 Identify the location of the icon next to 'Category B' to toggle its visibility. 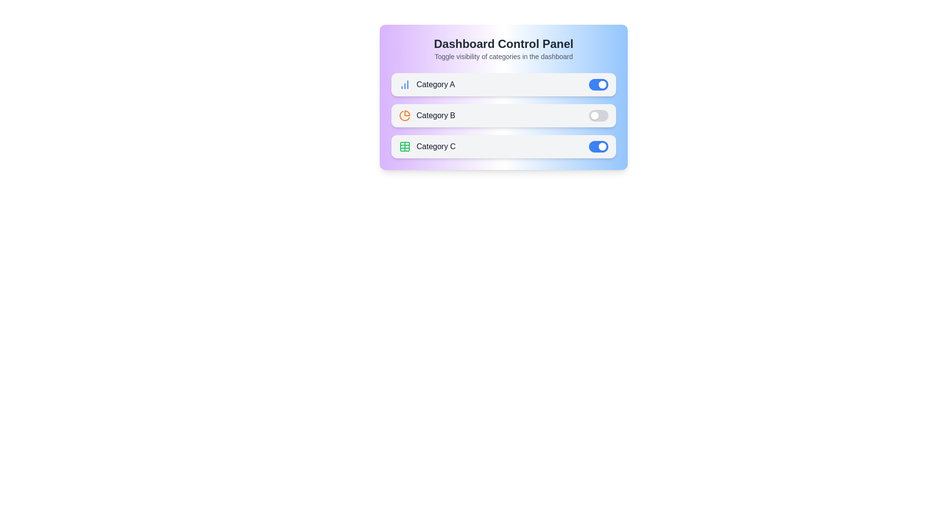
(404, 115).